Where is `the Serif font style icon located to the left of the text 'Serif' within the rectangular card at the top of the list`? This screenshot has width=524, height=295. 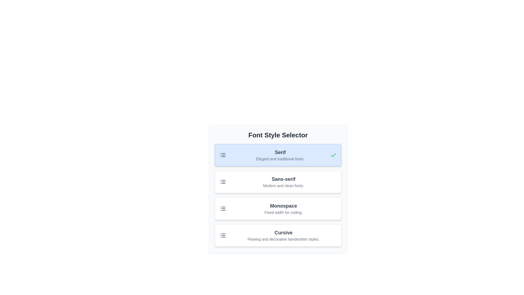 the Serif font style icon located to the left of the text 'Serif' within the rectangular card at the top of the list is located at coordinates (223, 155).